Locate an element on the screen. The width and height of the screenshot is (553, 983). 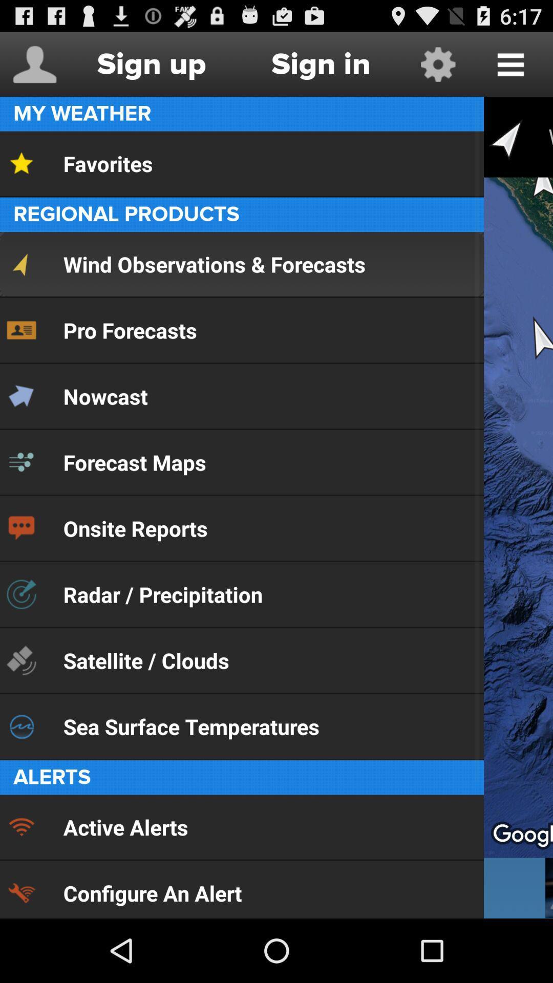
the settings icon is located at coordinates (438, 68).